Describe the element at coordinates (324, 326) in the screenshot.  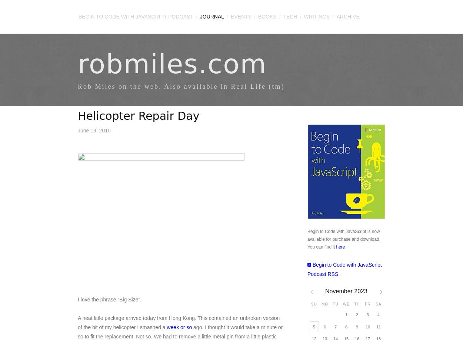
I see `'6'` at that location.